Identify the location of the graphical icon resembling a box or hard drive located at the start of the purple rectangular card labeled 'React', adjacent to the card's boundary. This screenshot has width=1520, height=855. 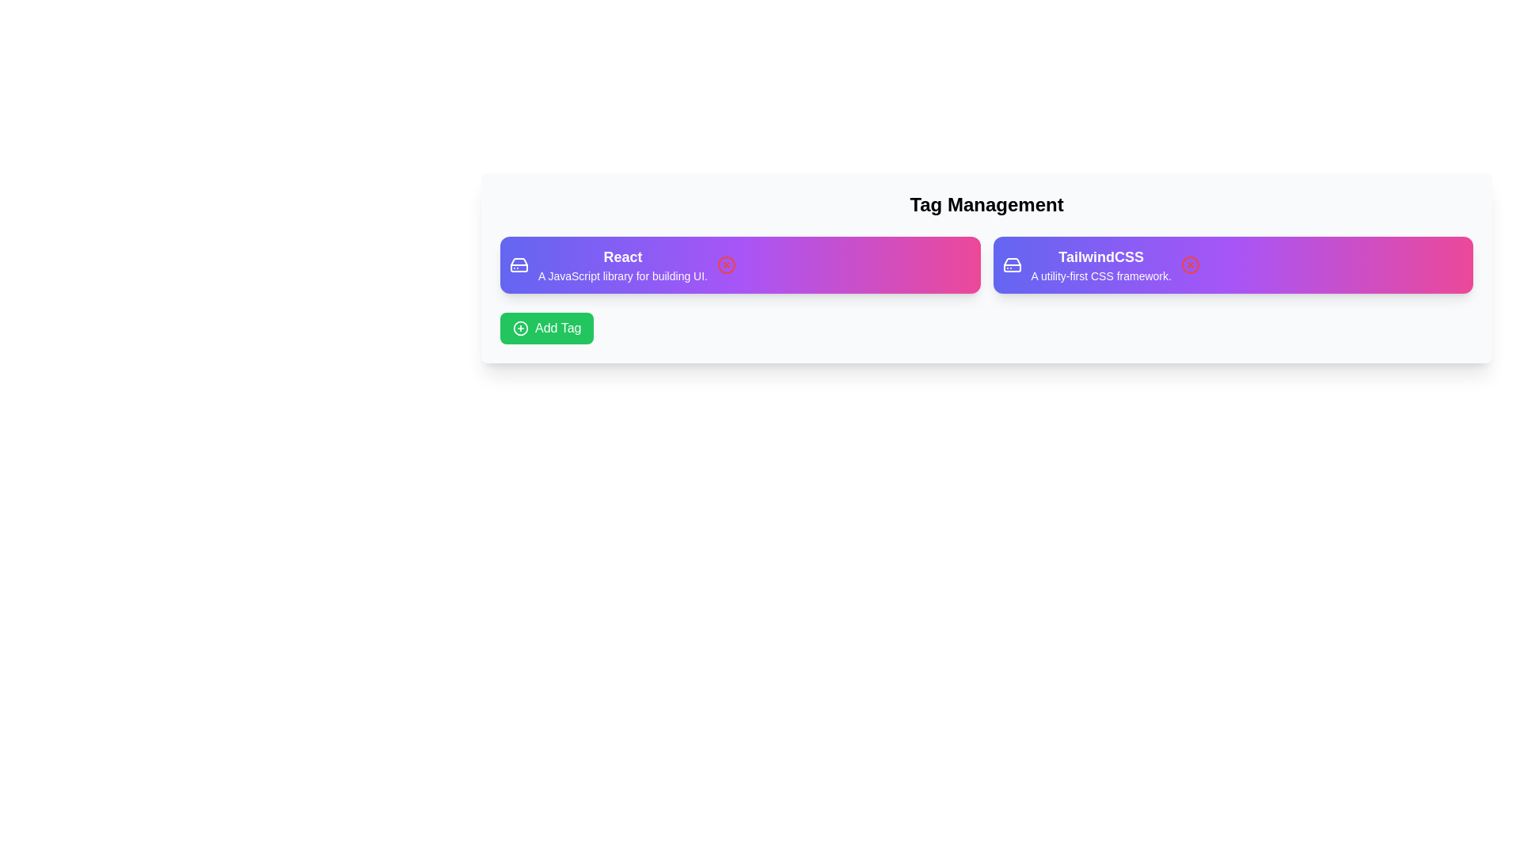
(519, 264).